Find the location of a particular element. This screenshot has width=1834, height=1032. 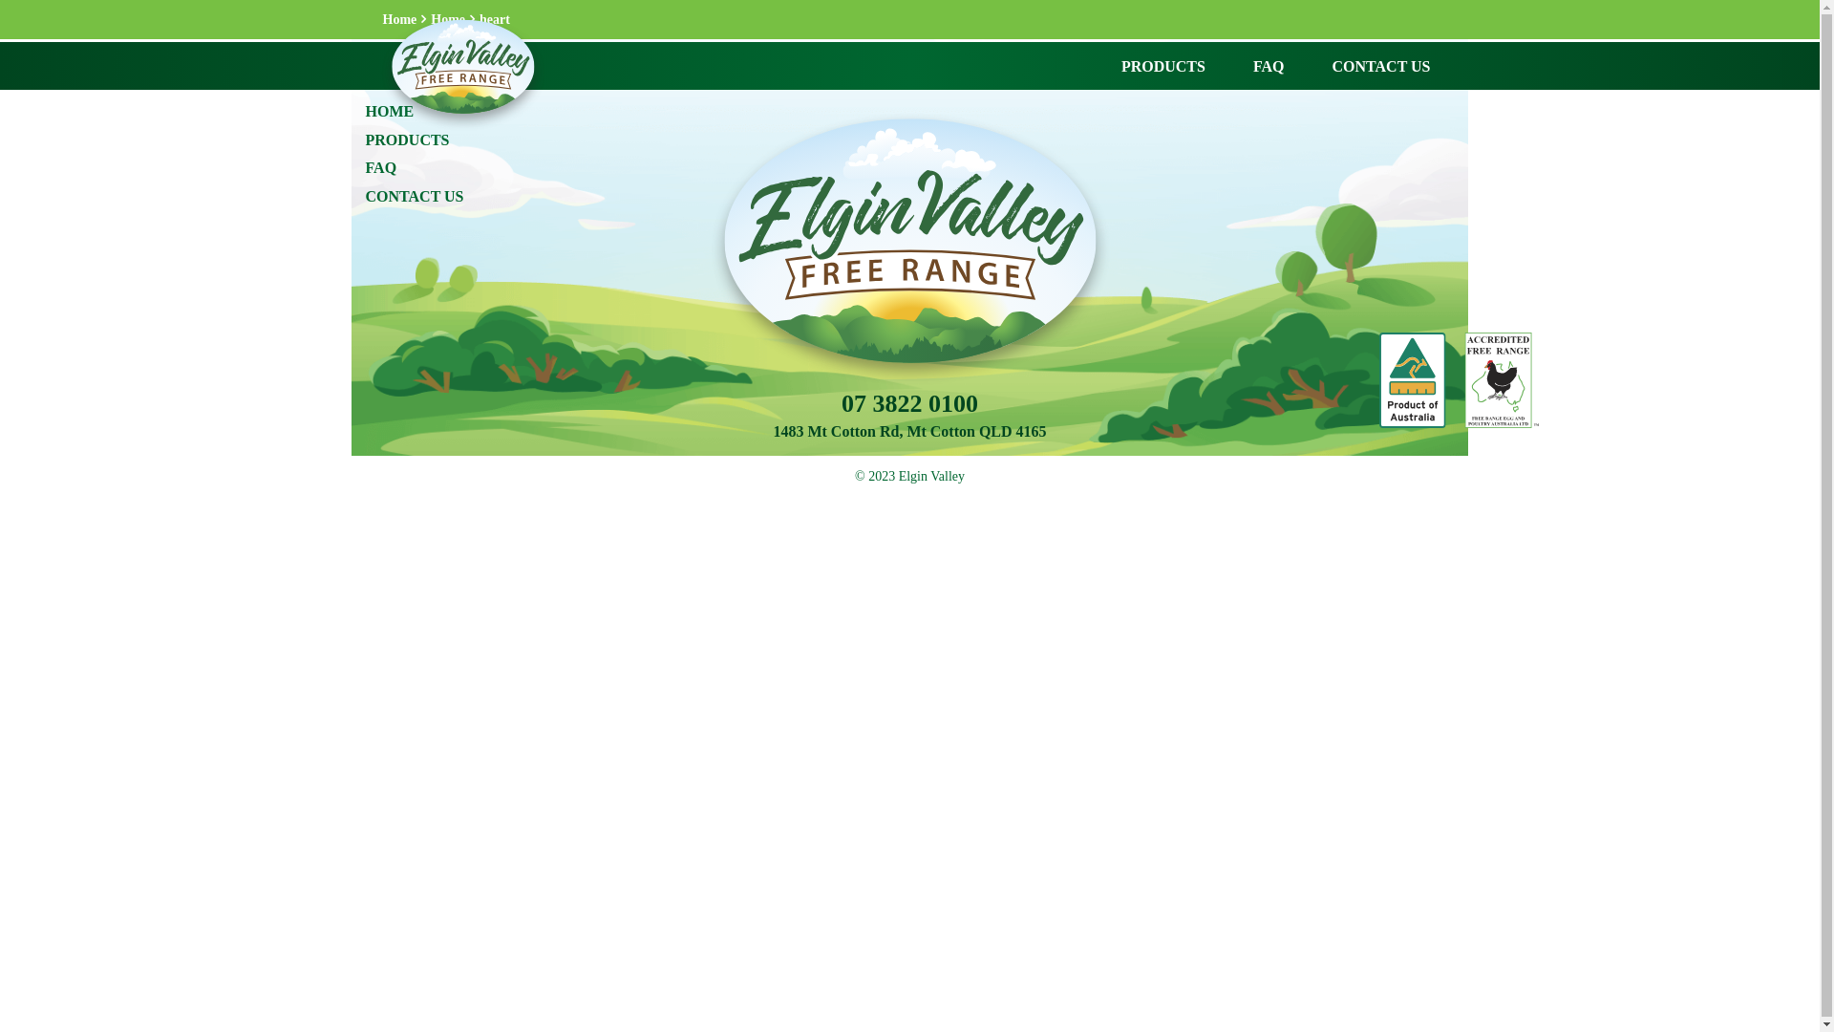

'CONTACT US' is located at coordinates (1381, 65).